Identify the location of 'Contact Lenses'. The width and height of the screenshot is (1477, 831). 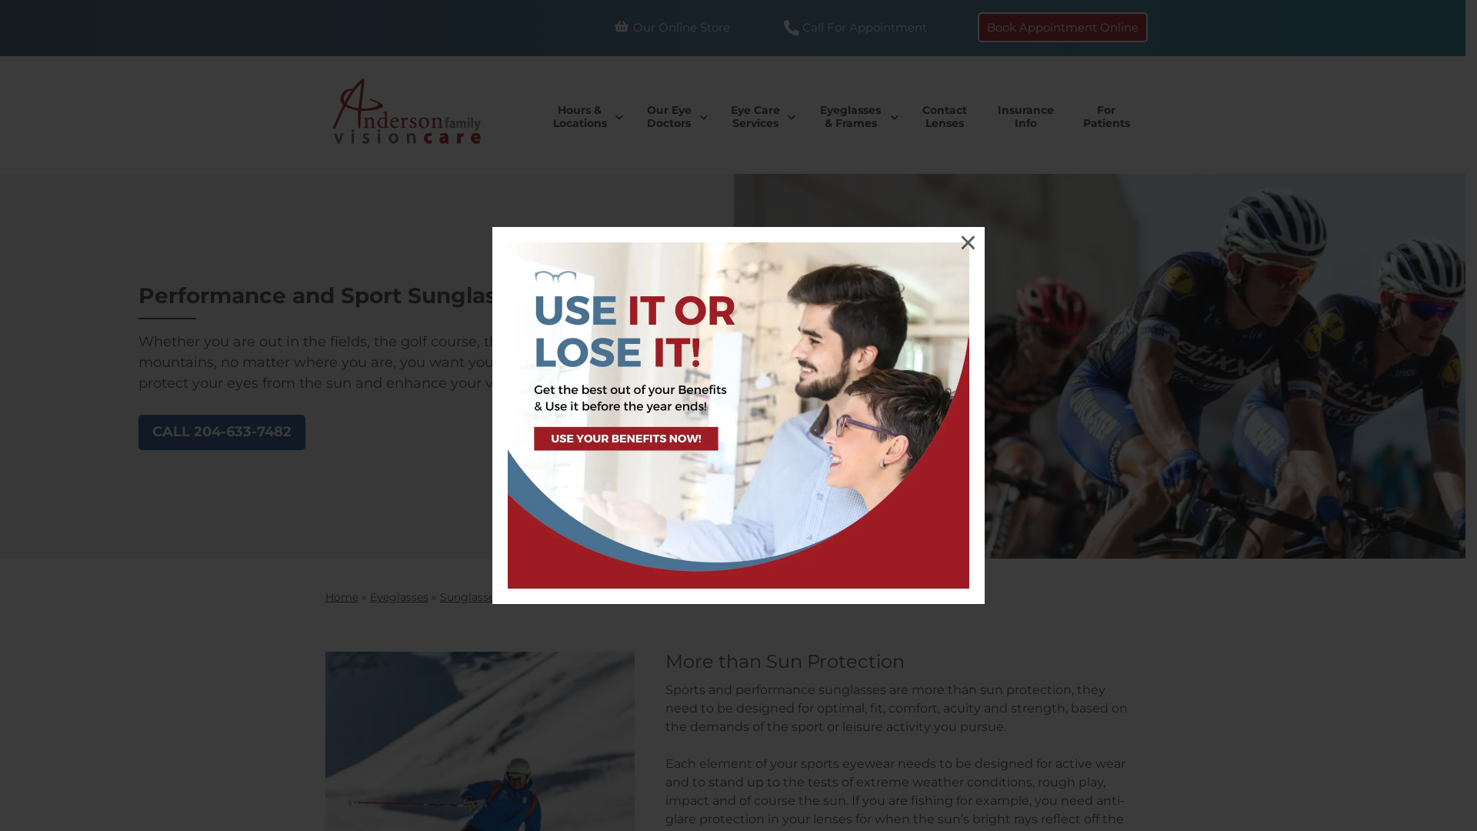
(943, 115).